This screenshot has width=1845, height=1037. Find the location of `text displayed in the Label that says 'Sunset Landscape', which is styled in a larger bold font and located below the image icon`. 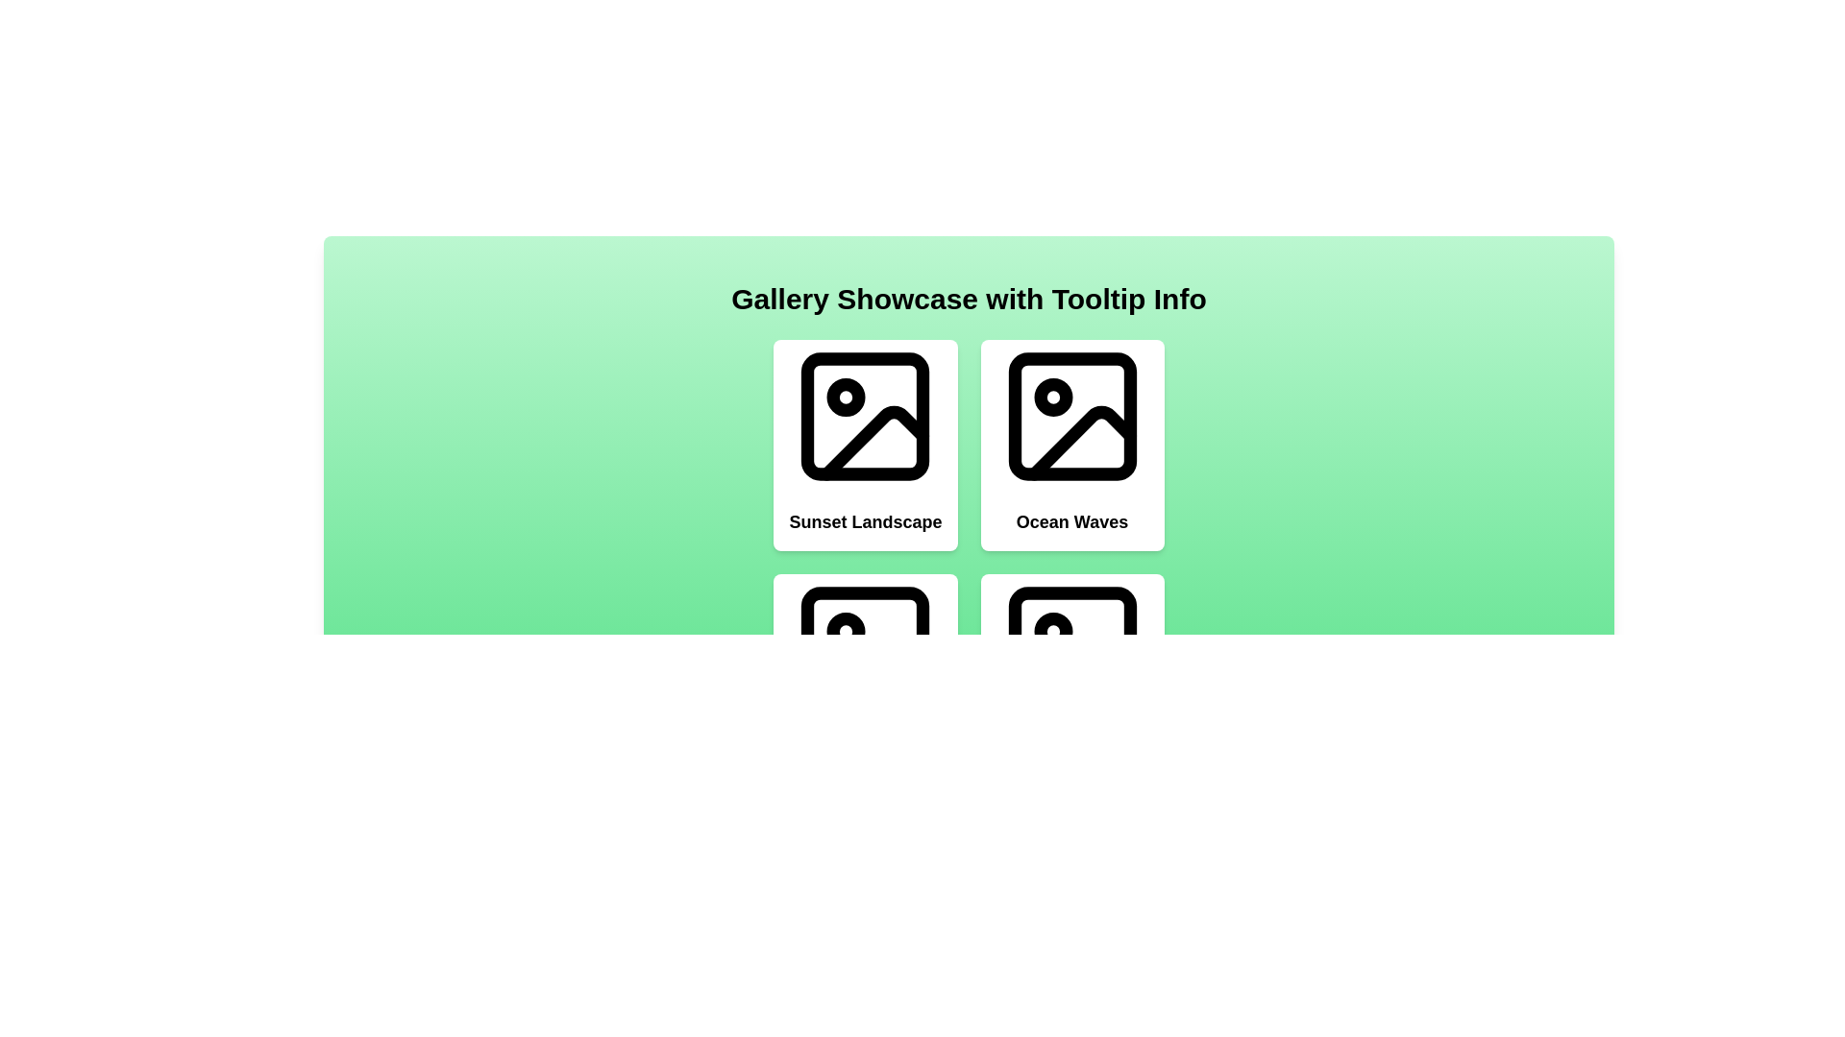

text displayed in the Label that says 'Sunset Landscape', which is styled in a larger bold font and located below the image icon is located at coordinates (865, 521).